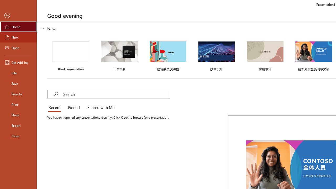 The image size is (336, 189). Describe the element at coordinates (18, 15) in the screenshot. I see `'Back'` at that location.